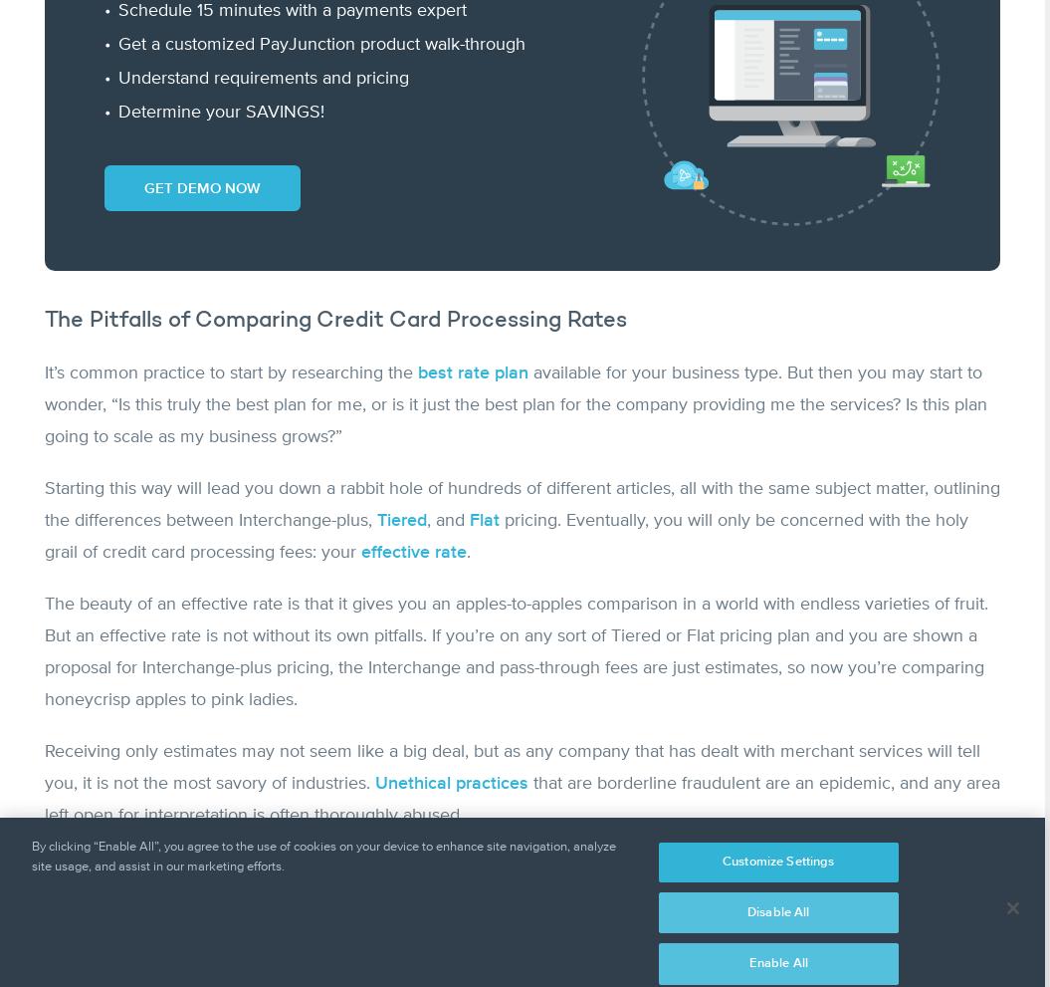 The height and width of the screenshot is (987, 1050). Describe the element at coordinates (468, 550) in the screenshot. I see `'.'` at that location.